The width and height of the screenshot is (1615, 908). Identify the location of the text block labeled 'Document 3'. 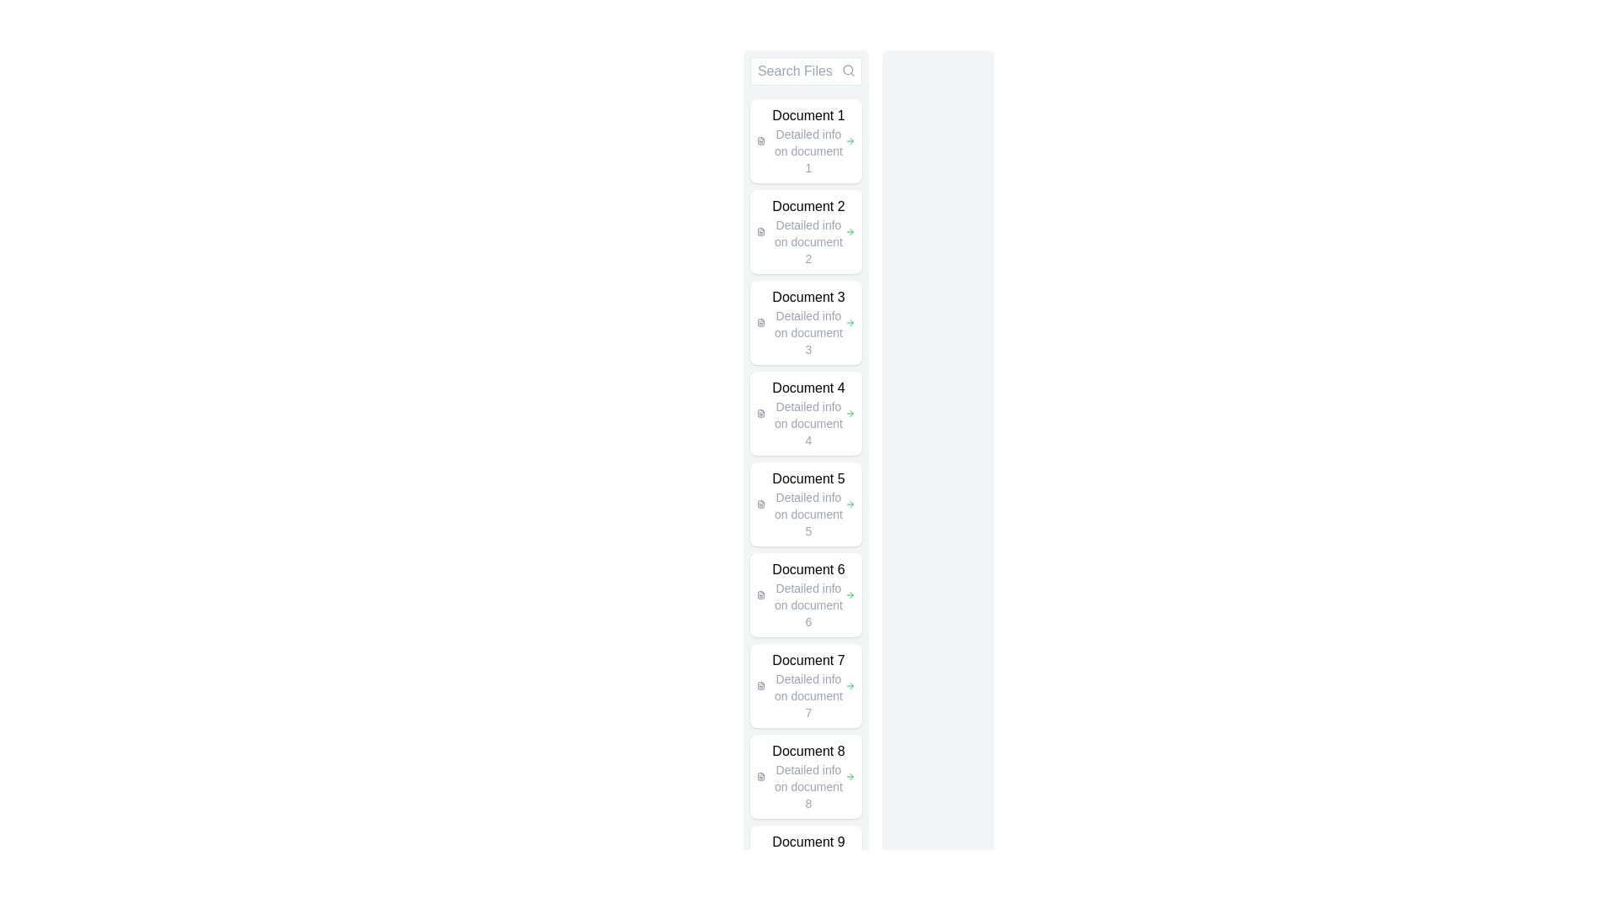
(808, 323).